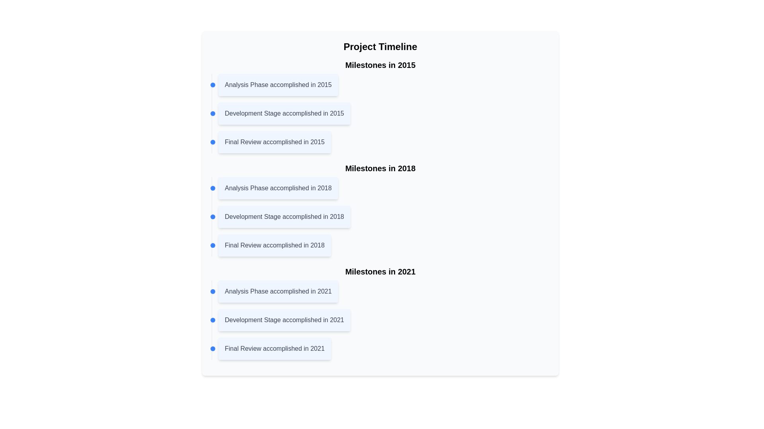 The image size is (764, 429). What do you see at coordinates (275, 245) in the screenshot?
I see `text of the Text Label that contains 'Final Review accomplished in 2018', which is styled in gray font and is located under the heading 'Milestones in 2018'` at bounding box center [275, 245].